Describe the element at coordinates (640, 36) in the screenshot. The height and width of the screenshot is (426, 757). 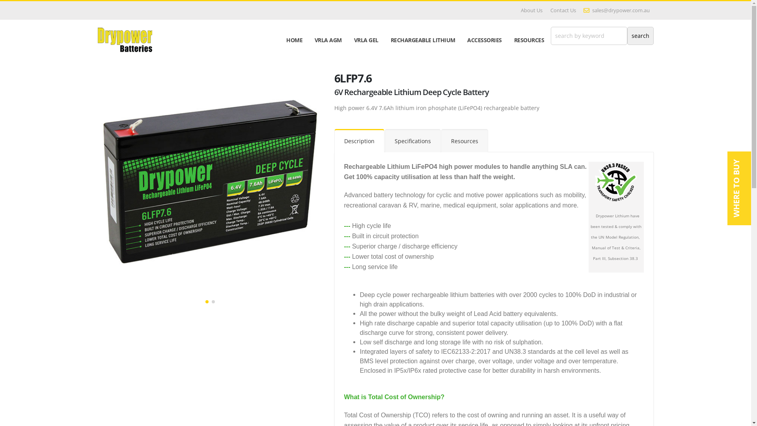
I see `'search'` at that location.